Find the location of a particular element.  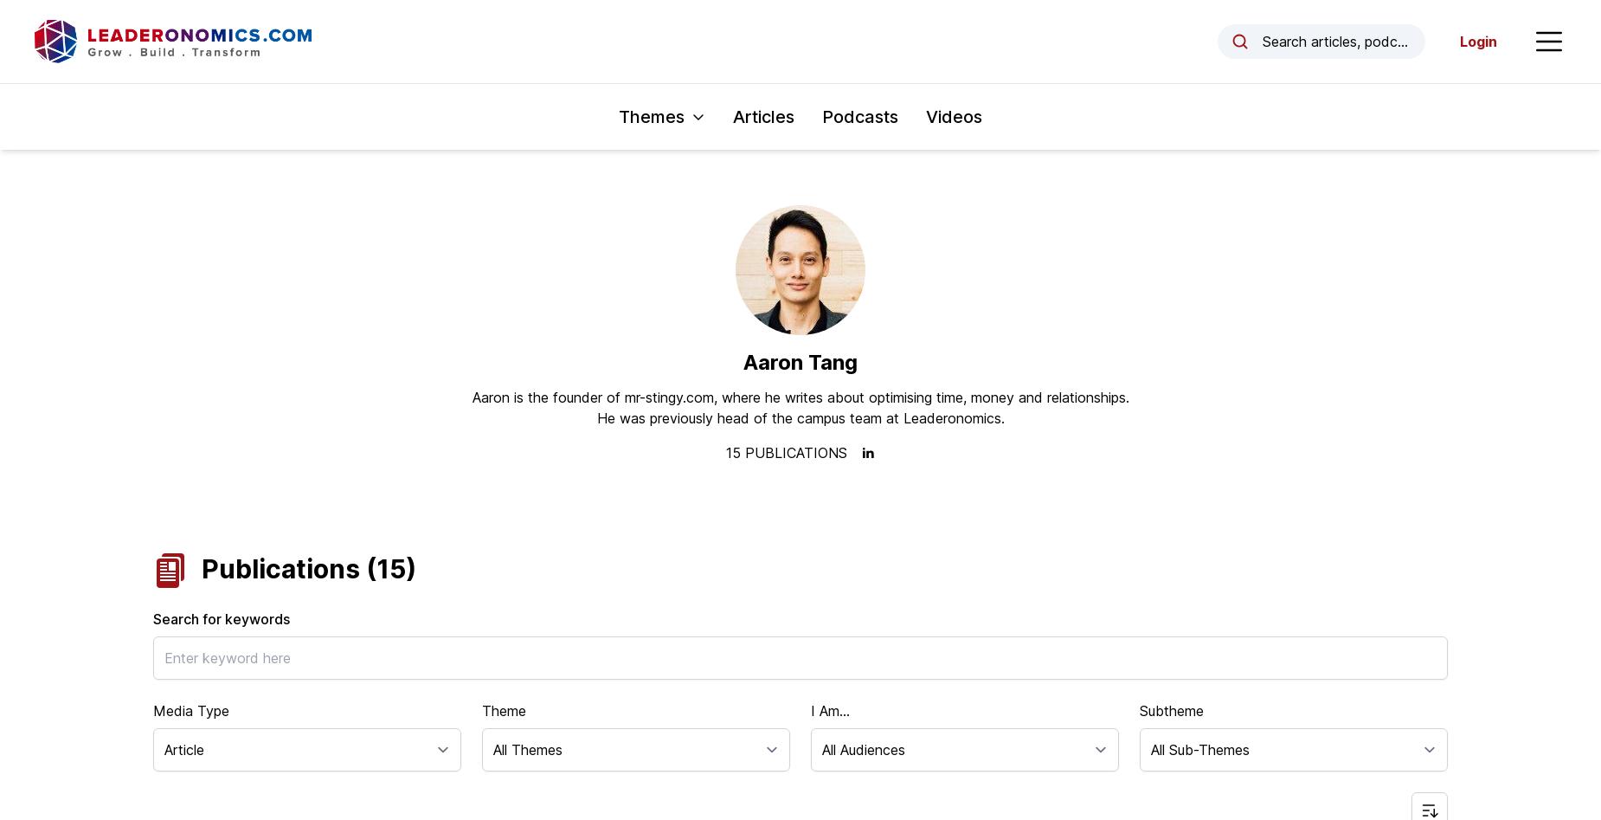

'Videos' is located at coordinates (953, 116).